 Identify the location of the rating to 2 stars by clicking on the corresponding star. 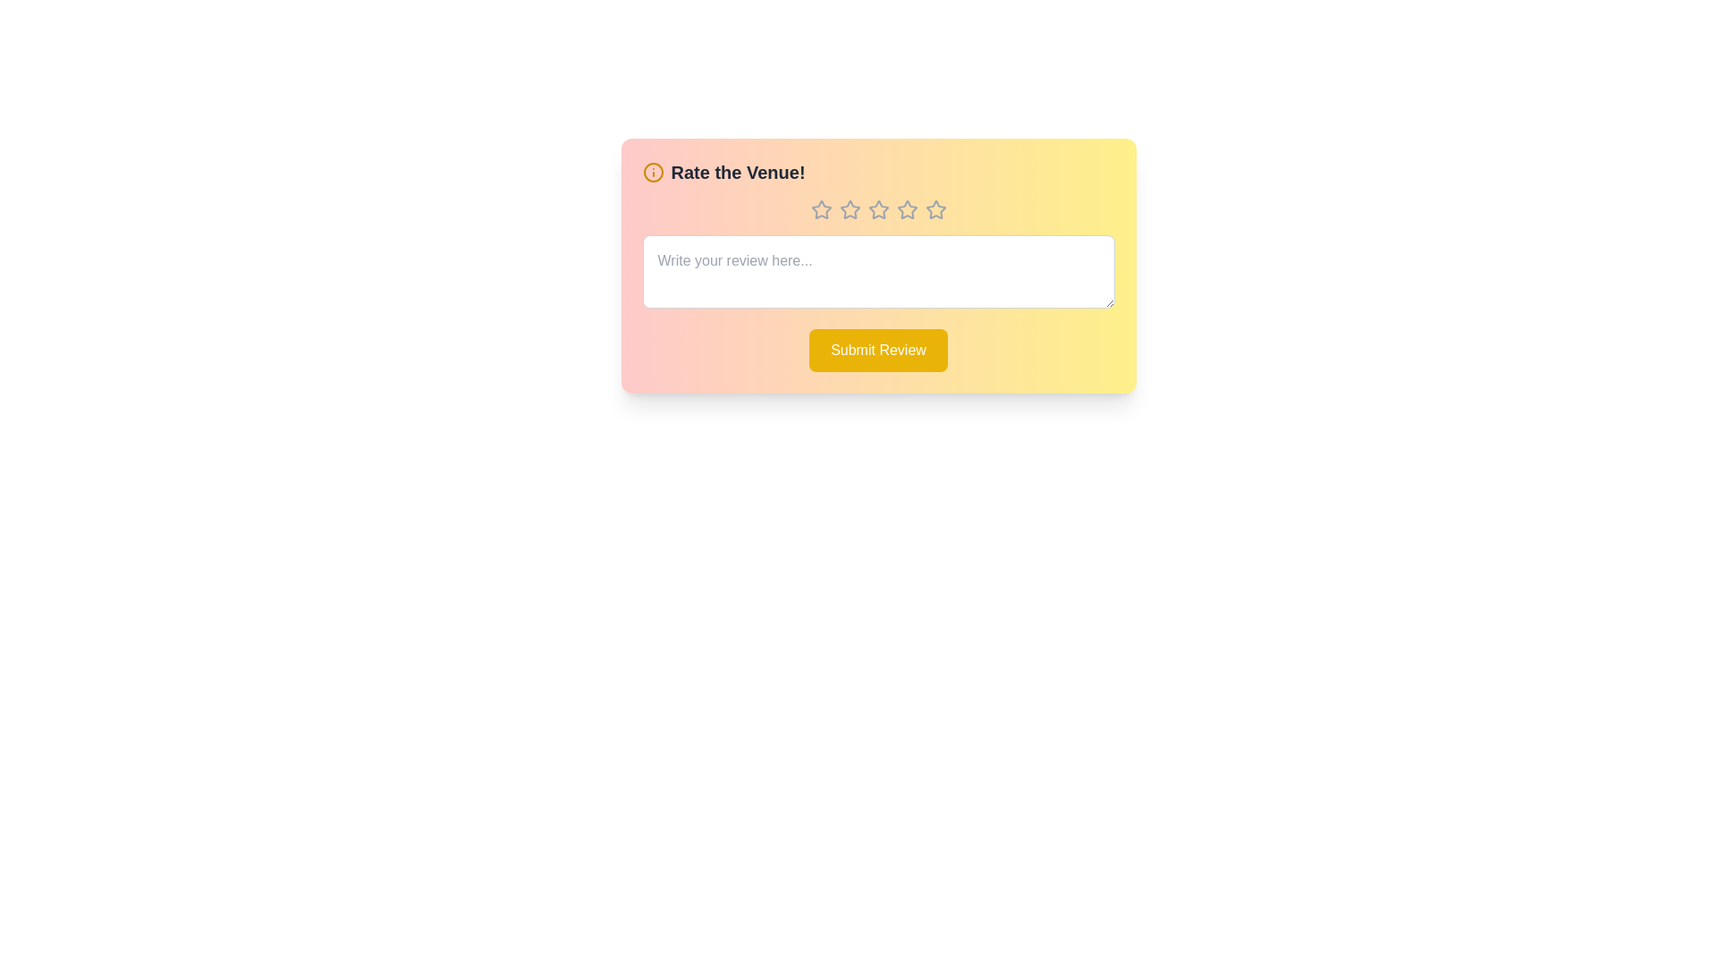
(849, 209).